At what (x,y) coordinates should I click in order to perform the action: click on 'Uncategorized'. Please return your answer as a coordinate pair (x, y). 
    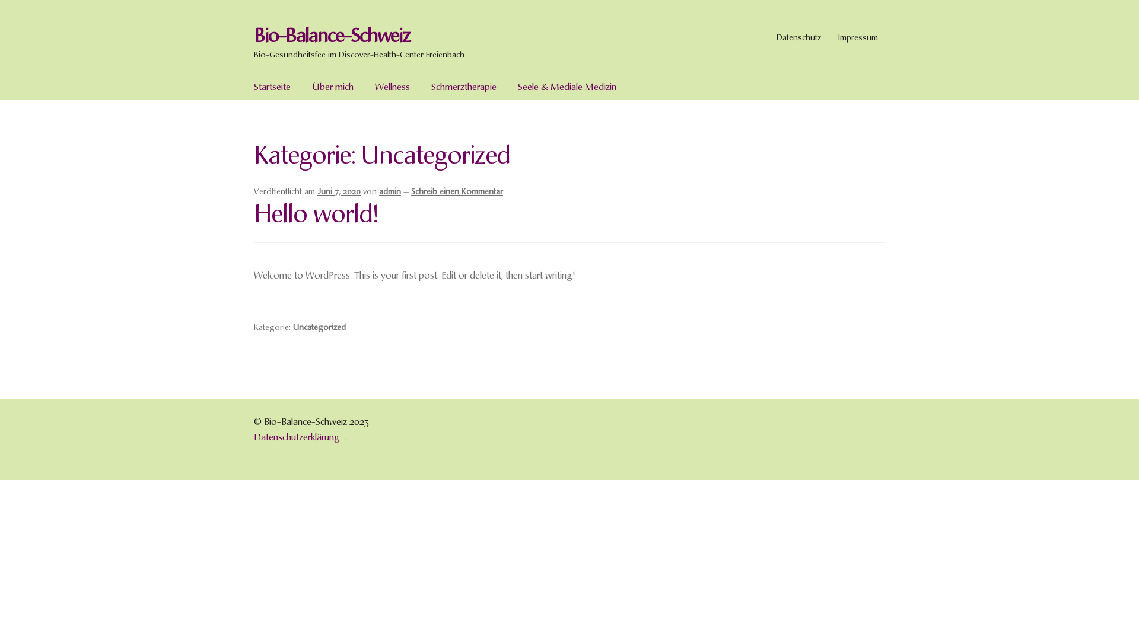
    Looking at the image, I should click on (319, 327).